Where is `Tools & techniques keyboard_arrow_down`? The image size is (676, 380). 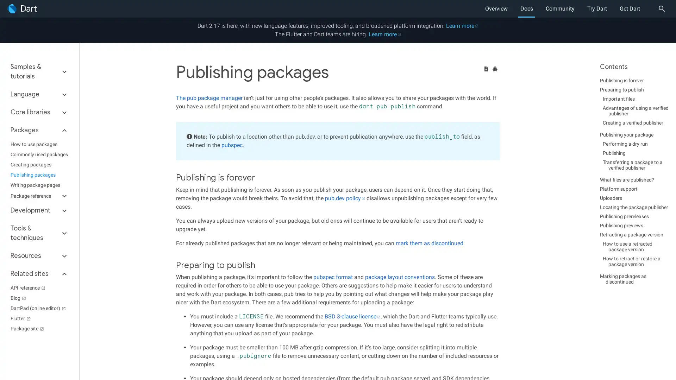
Tools & techniques keyboard_arrow_down is located at coordinates (39, 233).